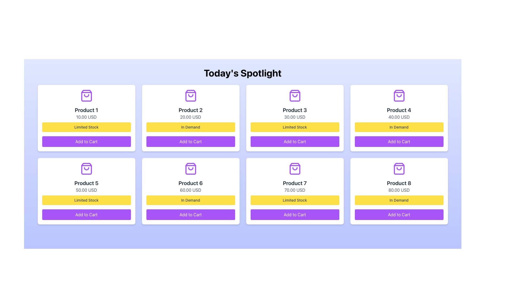  Describe the element at coordinates (242, 73) in the screenshot. I see `text from the header located at the top center of the page, which serves as the title for the content below` at that location.